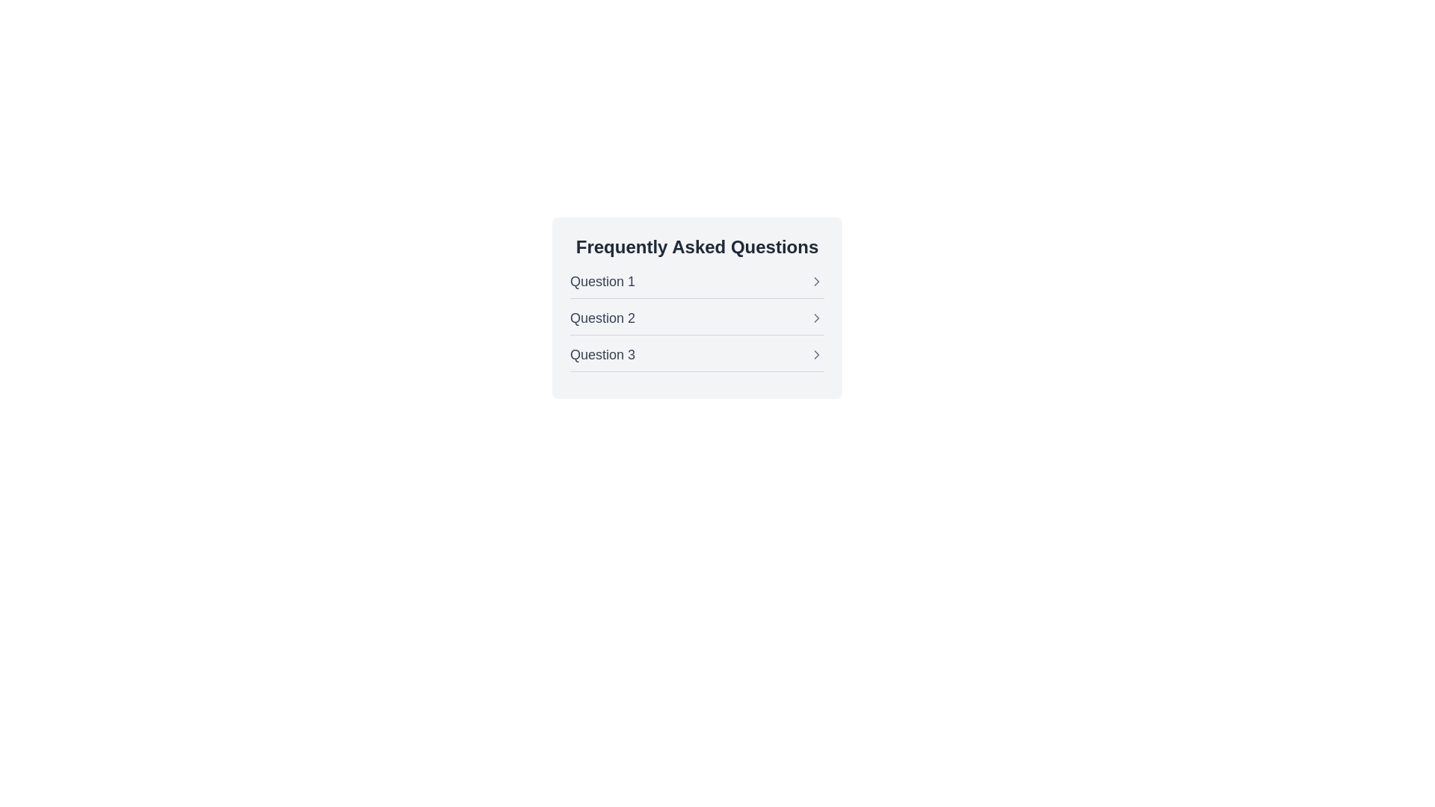  I want to click on the icon to the right of 'Question 2', so click(816, 317).